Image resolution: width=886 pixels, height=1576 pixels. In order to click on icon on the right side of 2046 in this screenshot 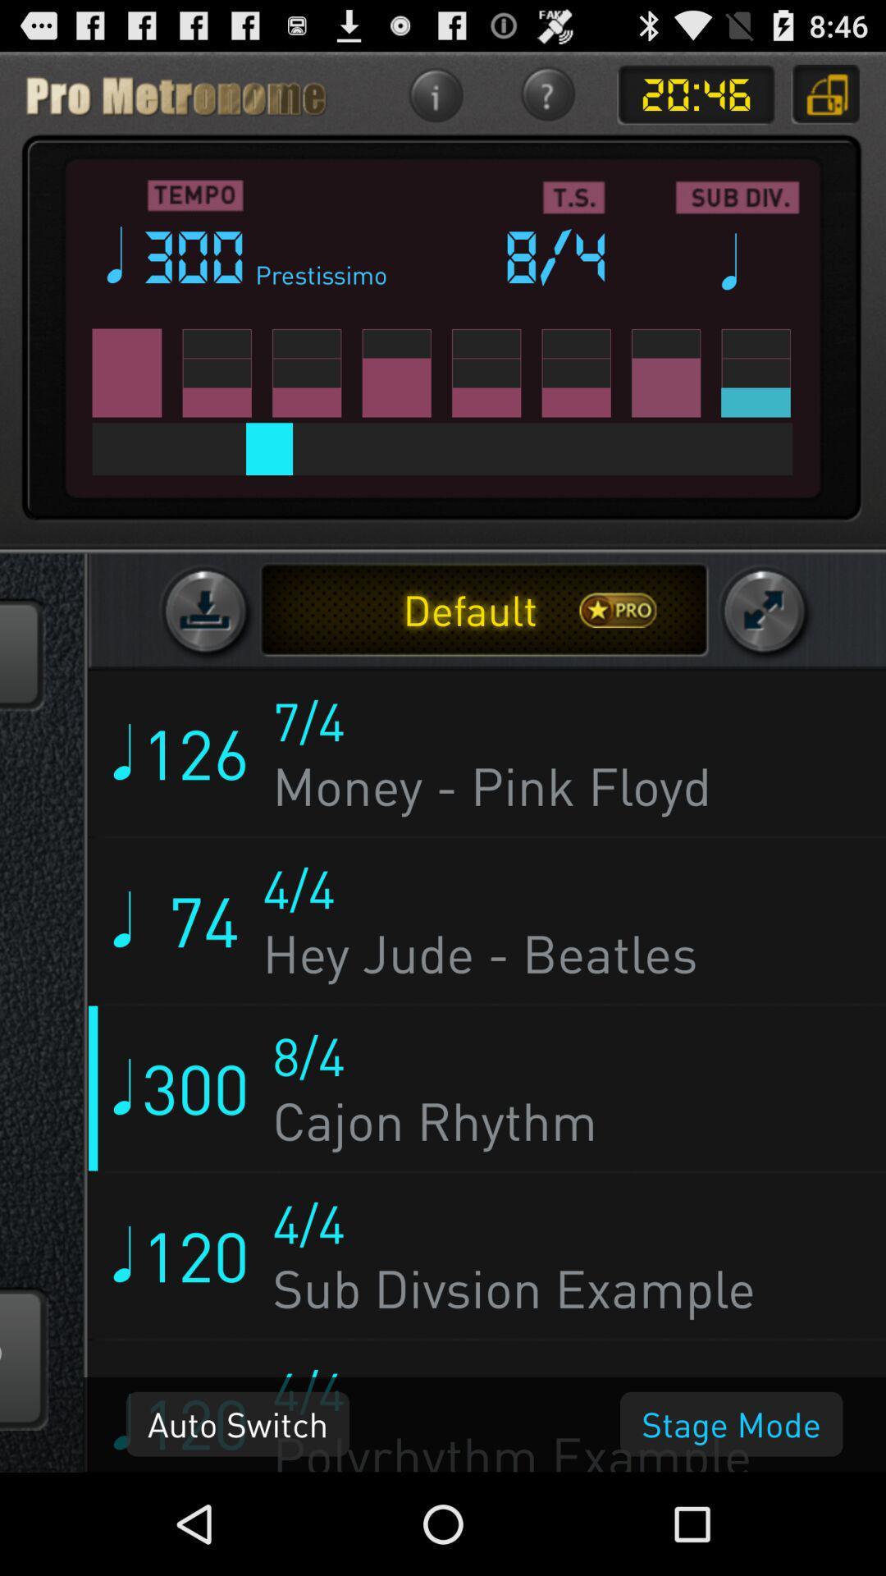, I will do `click(826, 94)`.